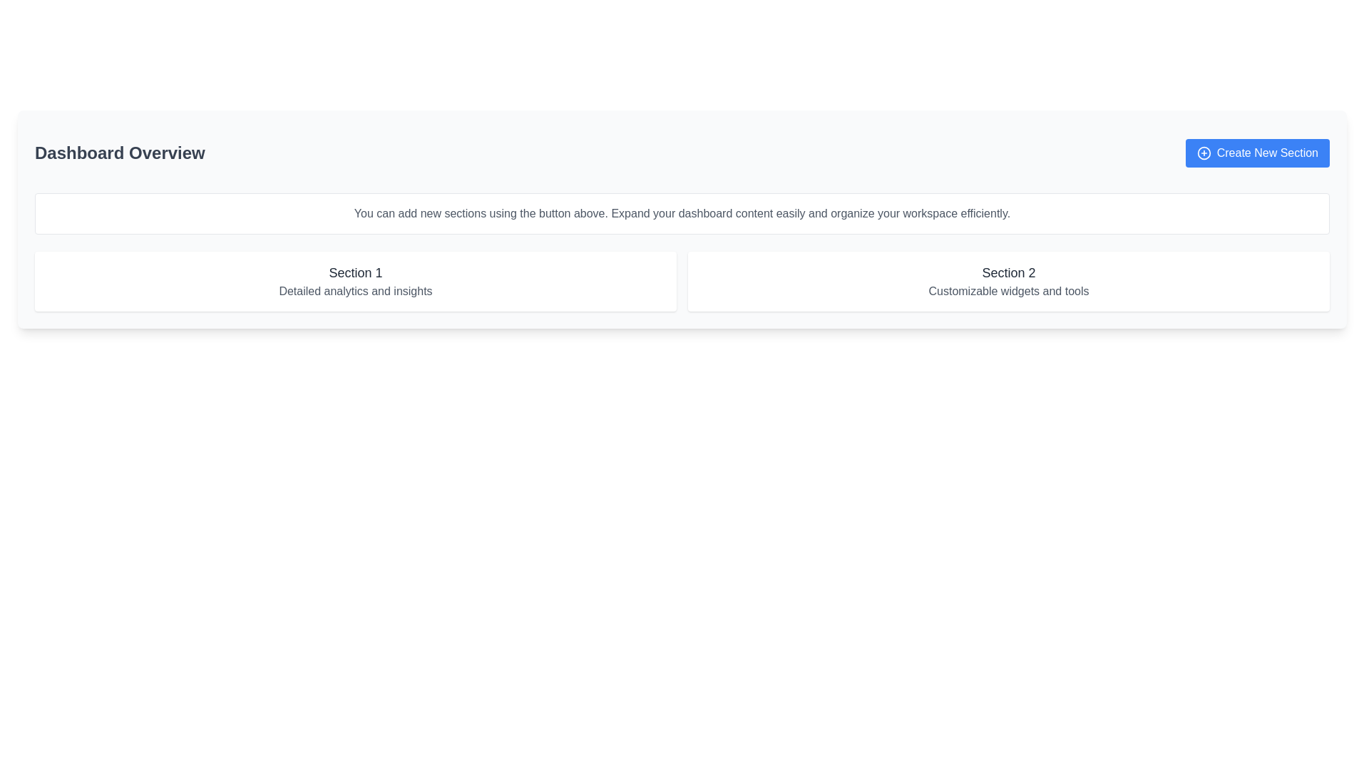  I want to click on the text label 'Section 2', which is styled with a larger bold font and dark gray color, located in the right section of a two-column layout, so click(1008, 272).